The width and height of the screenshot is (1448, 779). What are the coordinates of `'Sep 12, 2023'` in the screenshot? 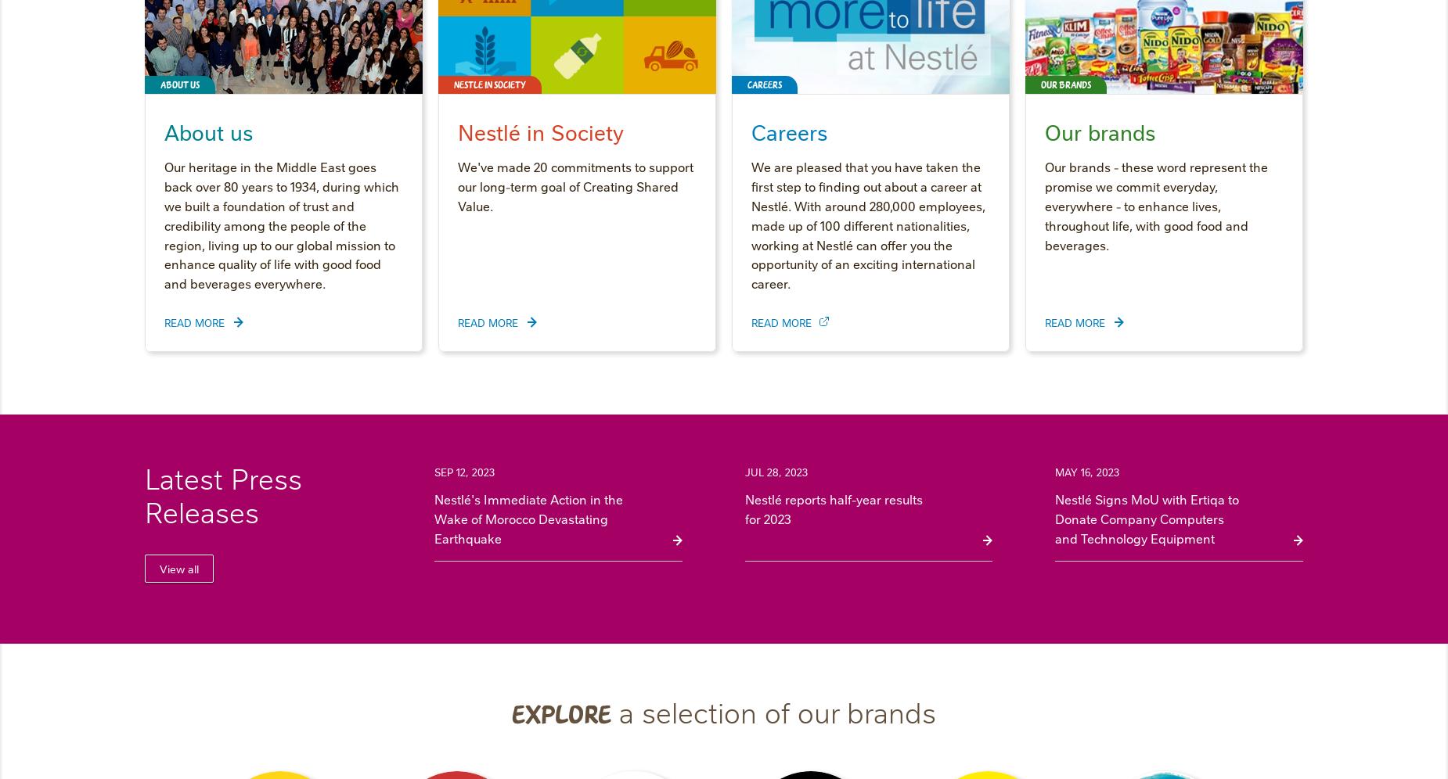 It's located at (434, 470).